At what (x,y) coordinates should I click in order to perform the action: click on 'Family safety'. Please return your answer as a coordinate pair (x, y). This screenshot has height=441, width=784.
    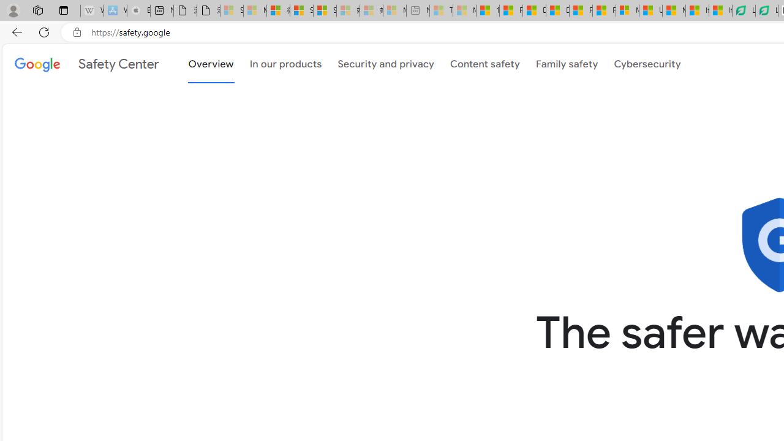
    Looking at the image, I should click on (566, 62).